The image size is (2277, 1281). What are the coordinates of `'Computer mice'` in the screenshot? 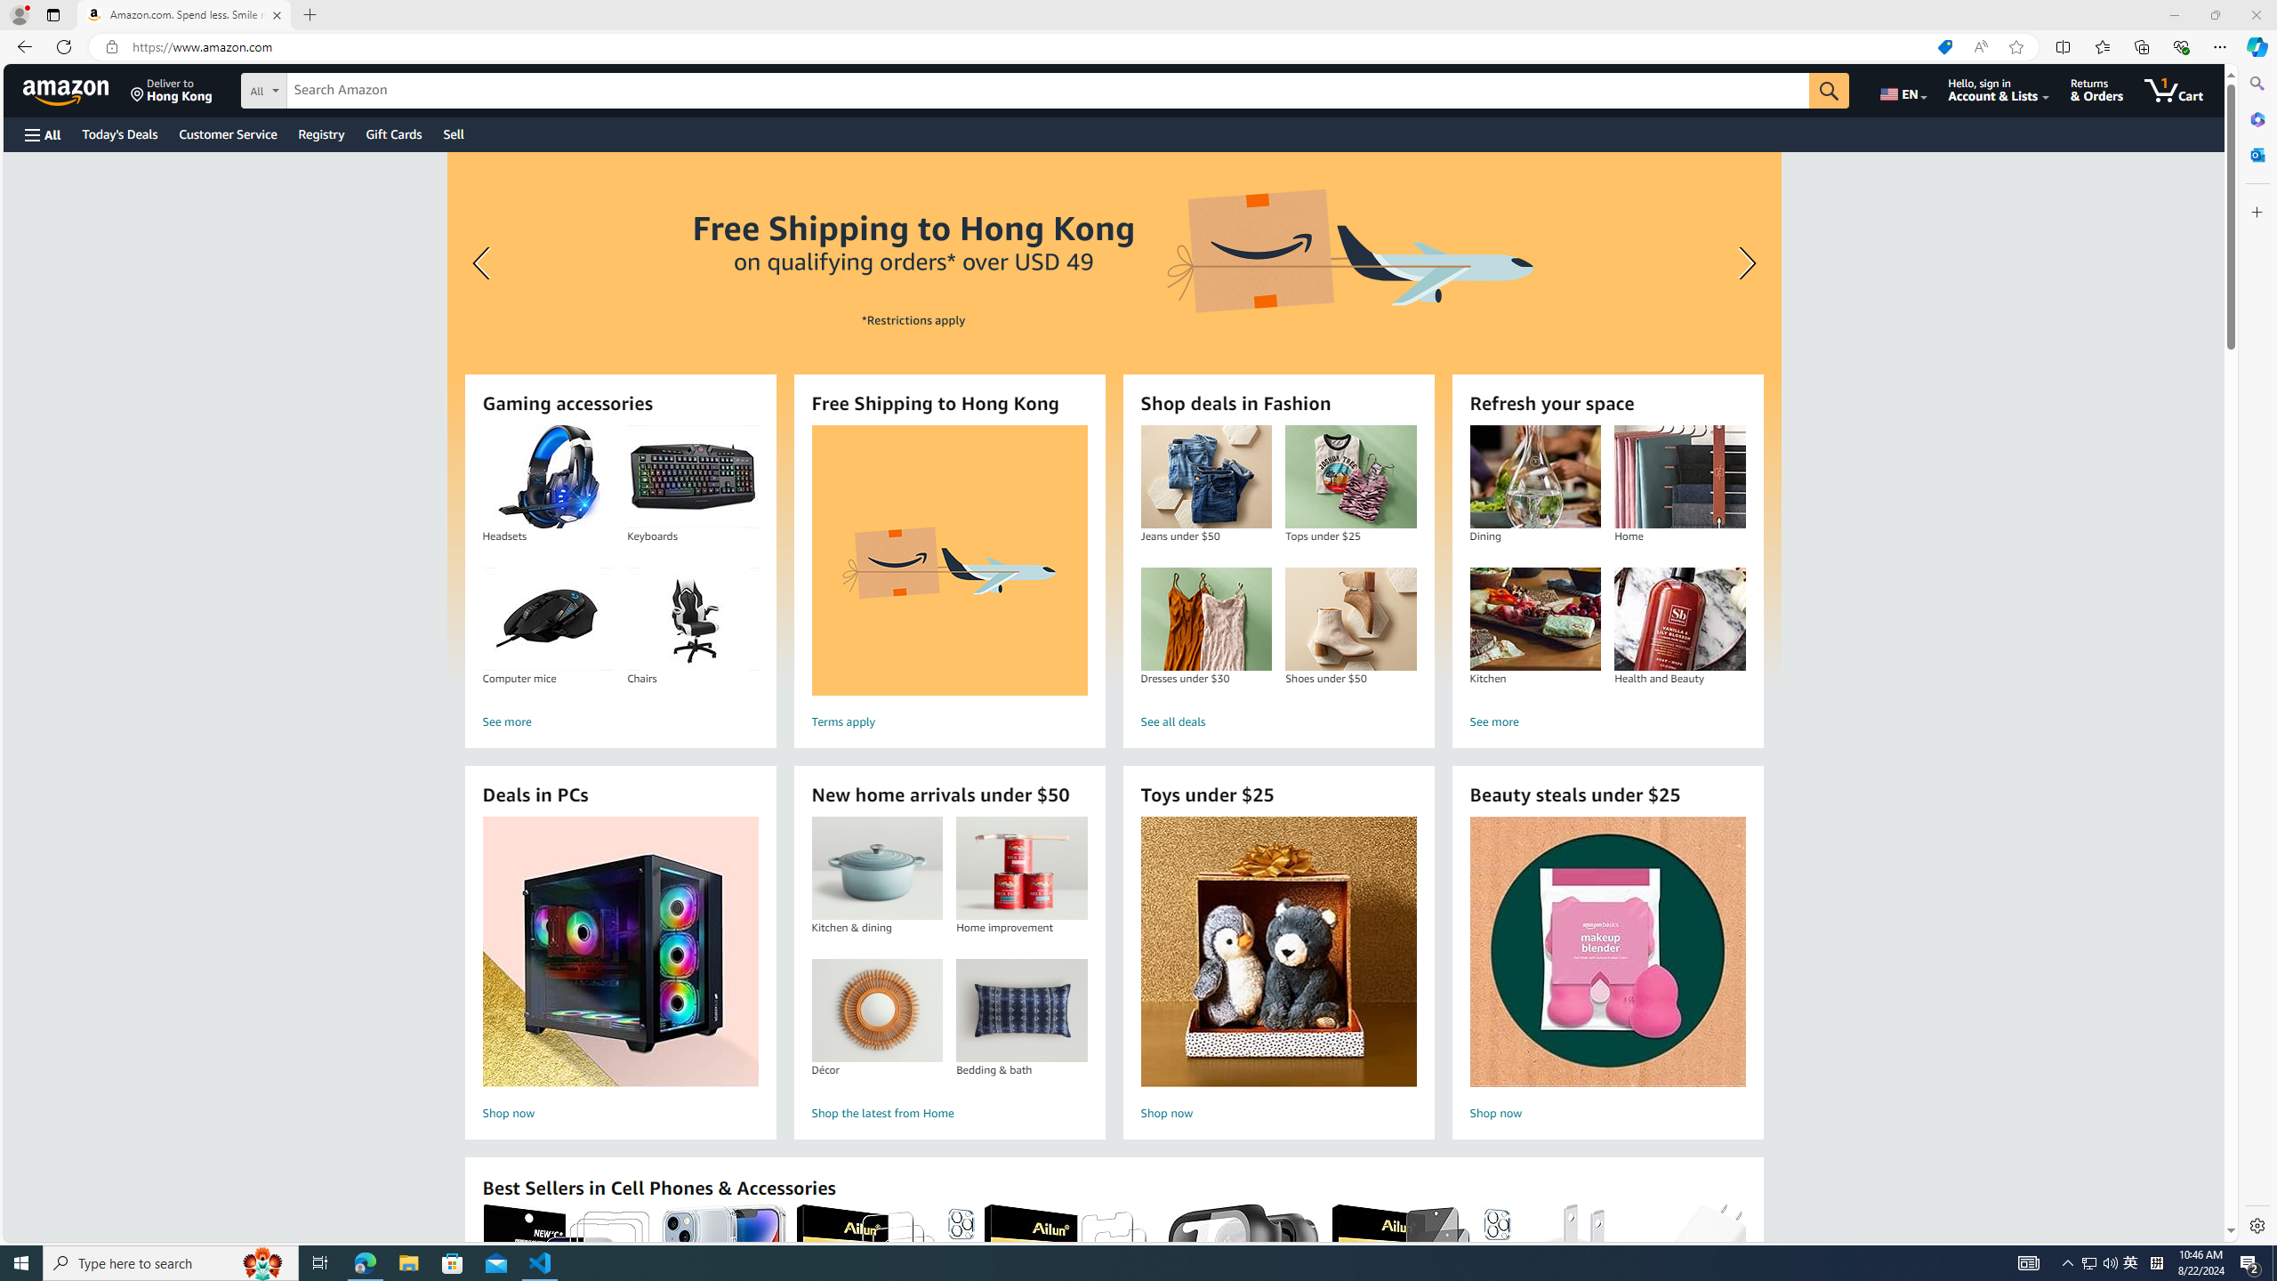 It's located at (547, 619).